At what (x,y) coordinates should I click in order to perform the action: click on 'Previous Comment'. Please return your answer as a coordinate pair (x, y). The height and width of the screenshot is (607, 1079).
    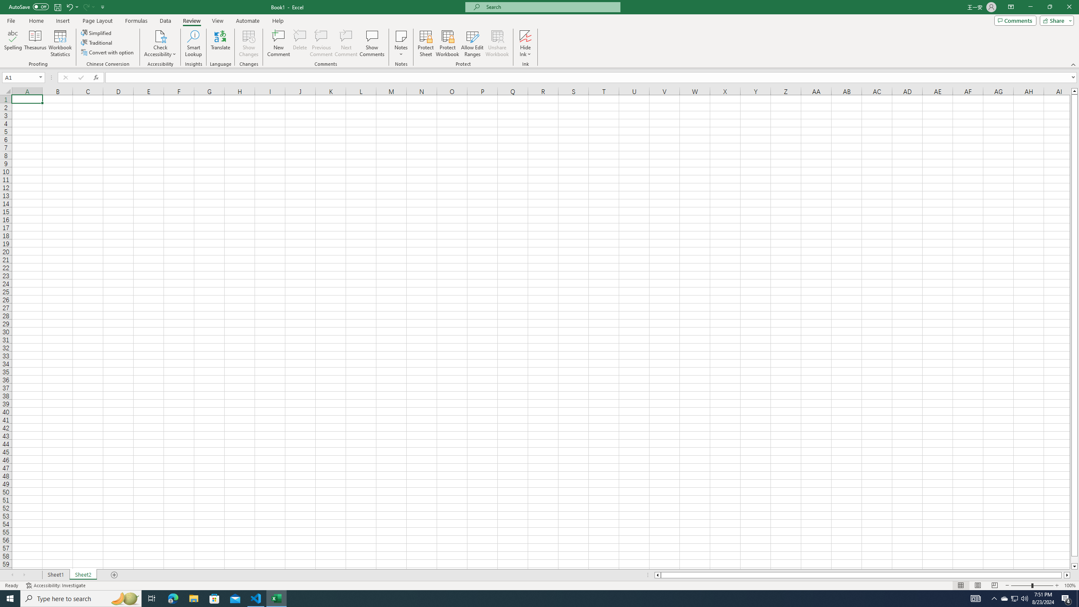
    Looking at the image, I should click on (321, 43).